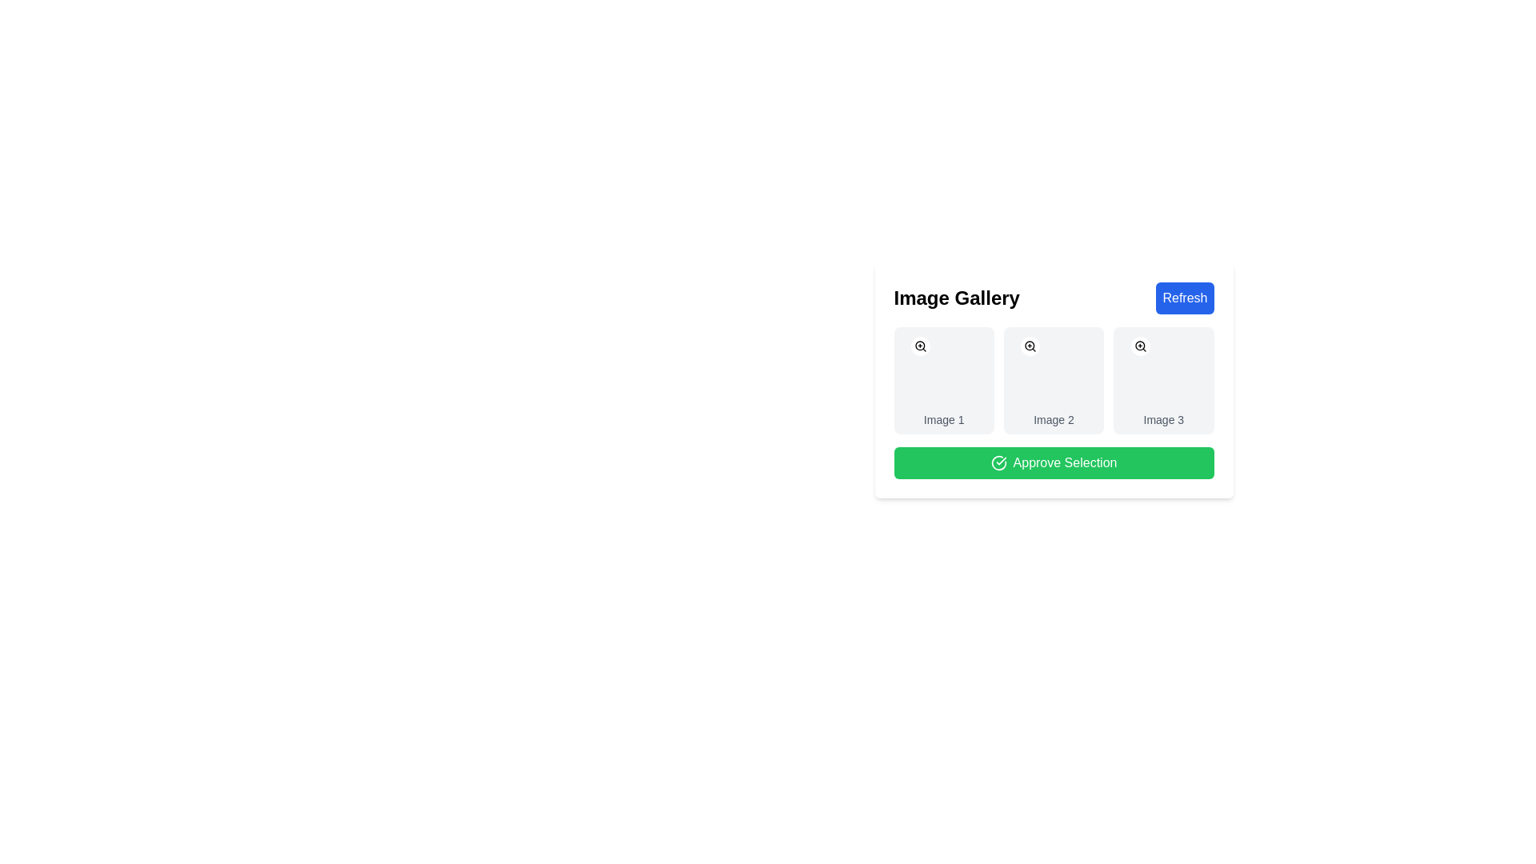 This screenshot has height=864, width=1536. What do you see at coordinates (1139, 345) in the screenshot?
I see `the zoom-in icon button located in the grid layout underneath the 'Image Gallery' title` at bounding box center [1139, 345].